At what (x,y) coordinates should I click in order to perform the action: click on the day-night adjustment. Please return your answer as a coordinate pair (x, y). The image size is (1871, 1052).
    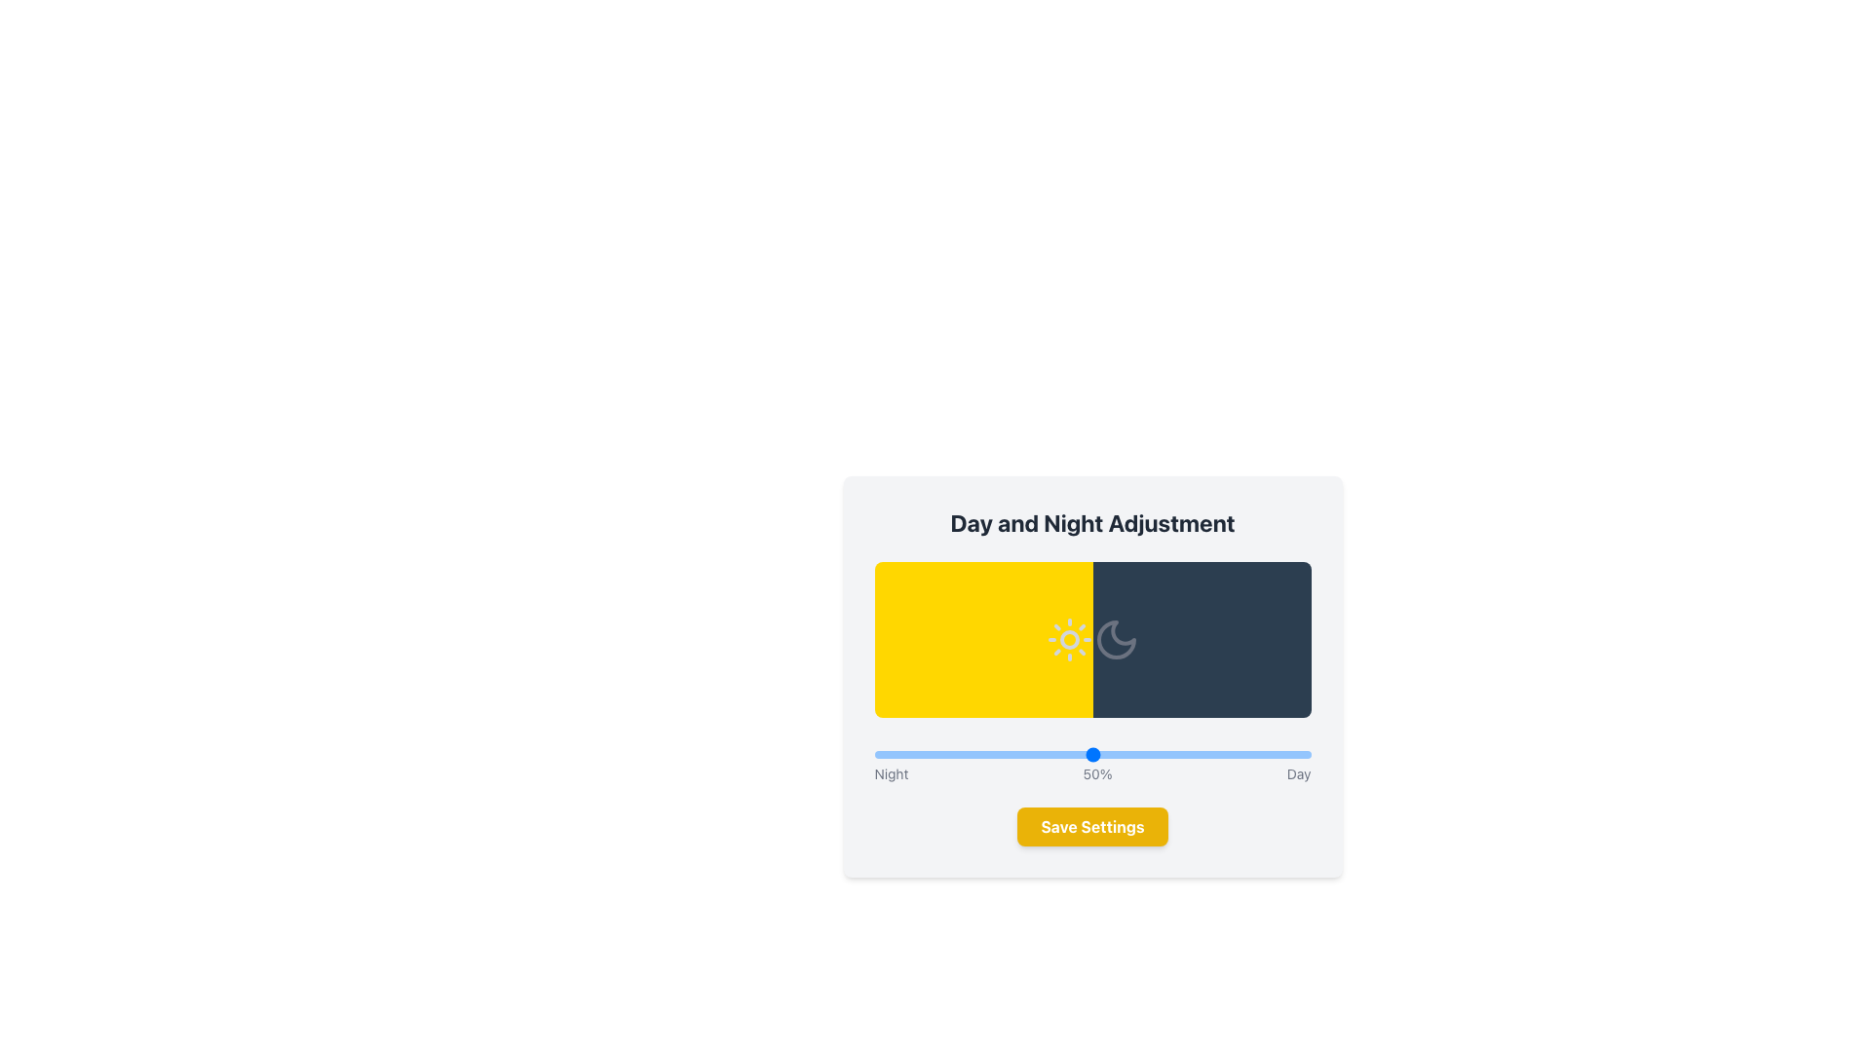
    Looking at the image, I should click on (873, 754).